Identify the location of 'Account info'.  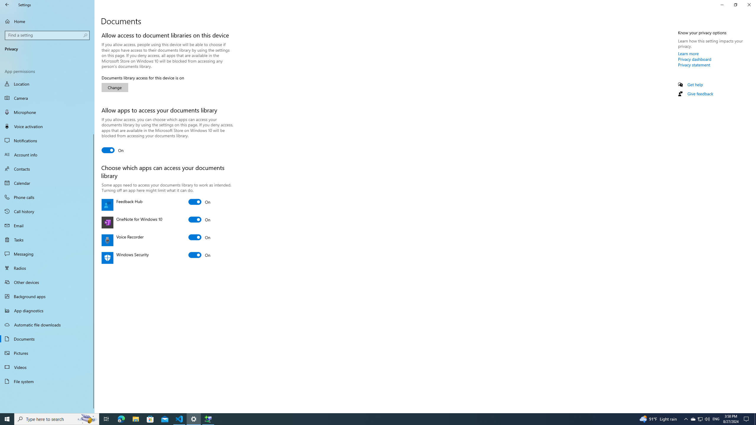
(47, 155).